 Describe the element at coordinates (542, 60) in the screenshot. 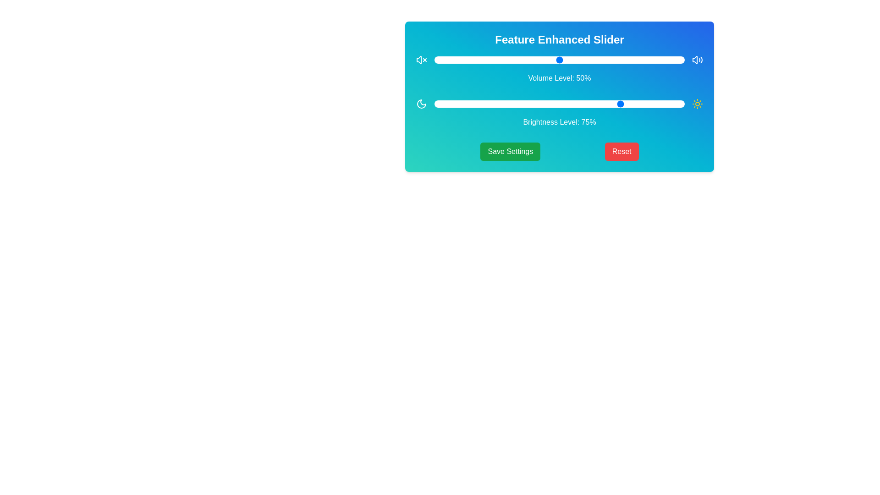

I see `the slider value` at that location.